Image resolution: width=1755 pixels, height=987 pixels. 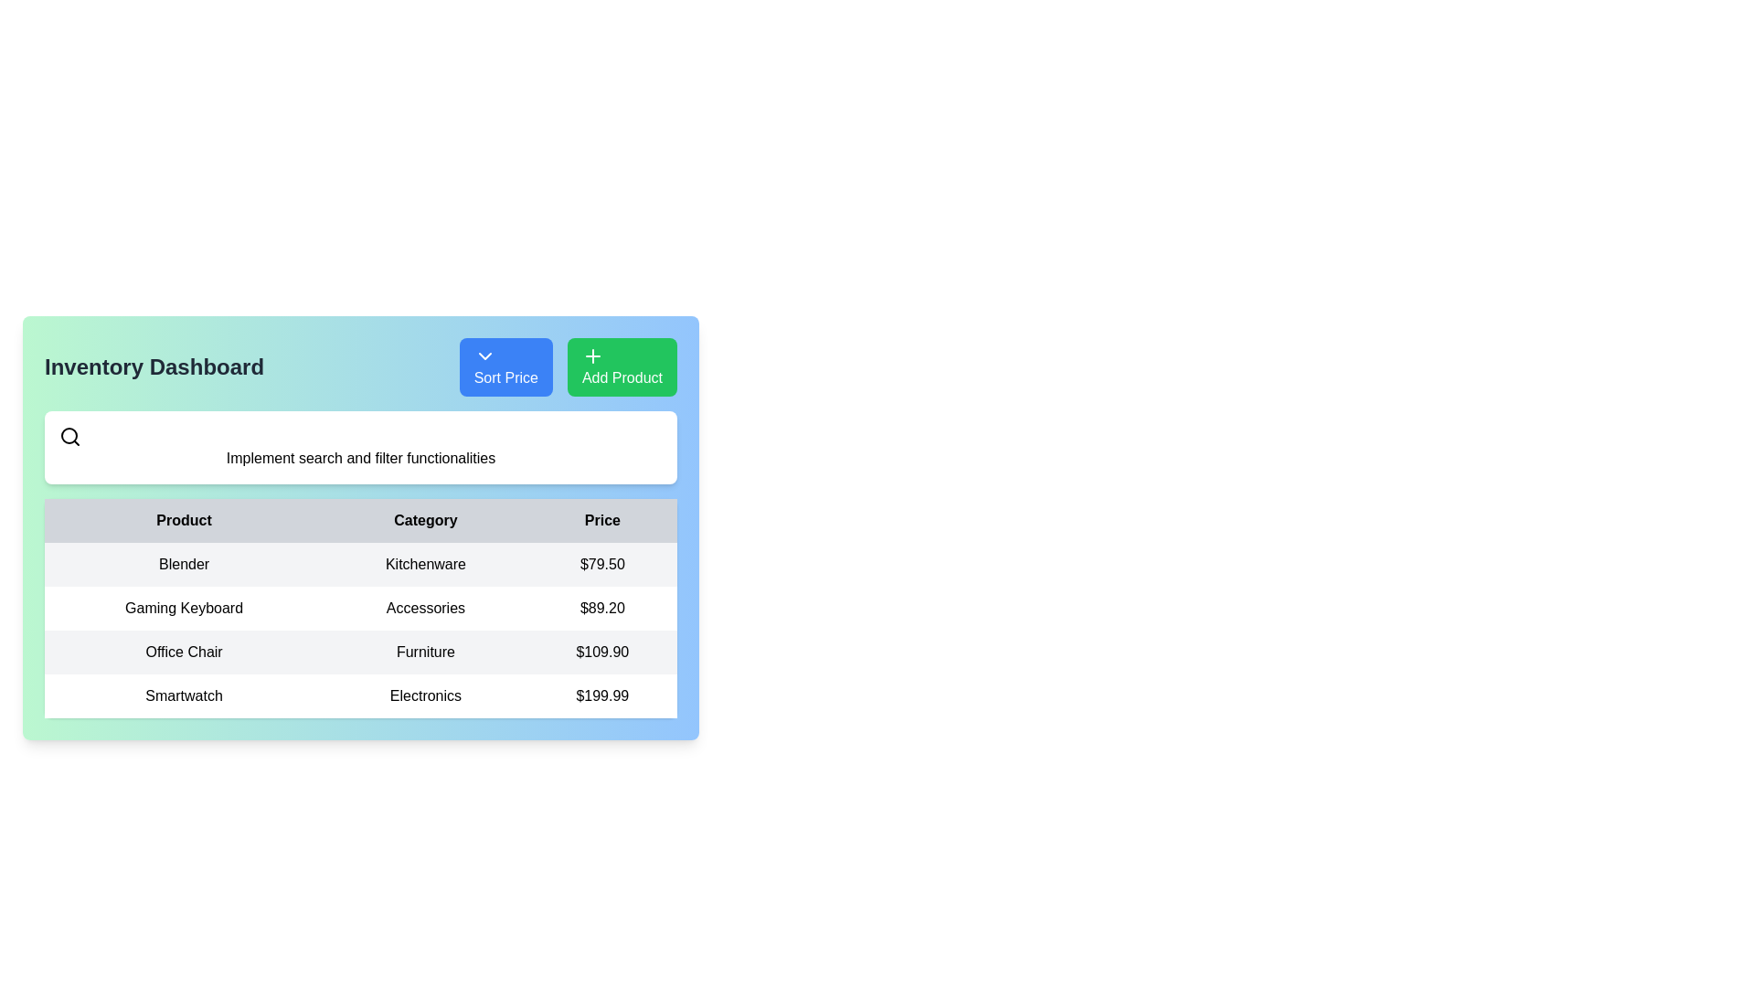 I want to click on the price label displaying '$89.20' for the 'Gaming Keyboard' in the accessories category, which is located in the price column of the table, so click(x=602, y=609).